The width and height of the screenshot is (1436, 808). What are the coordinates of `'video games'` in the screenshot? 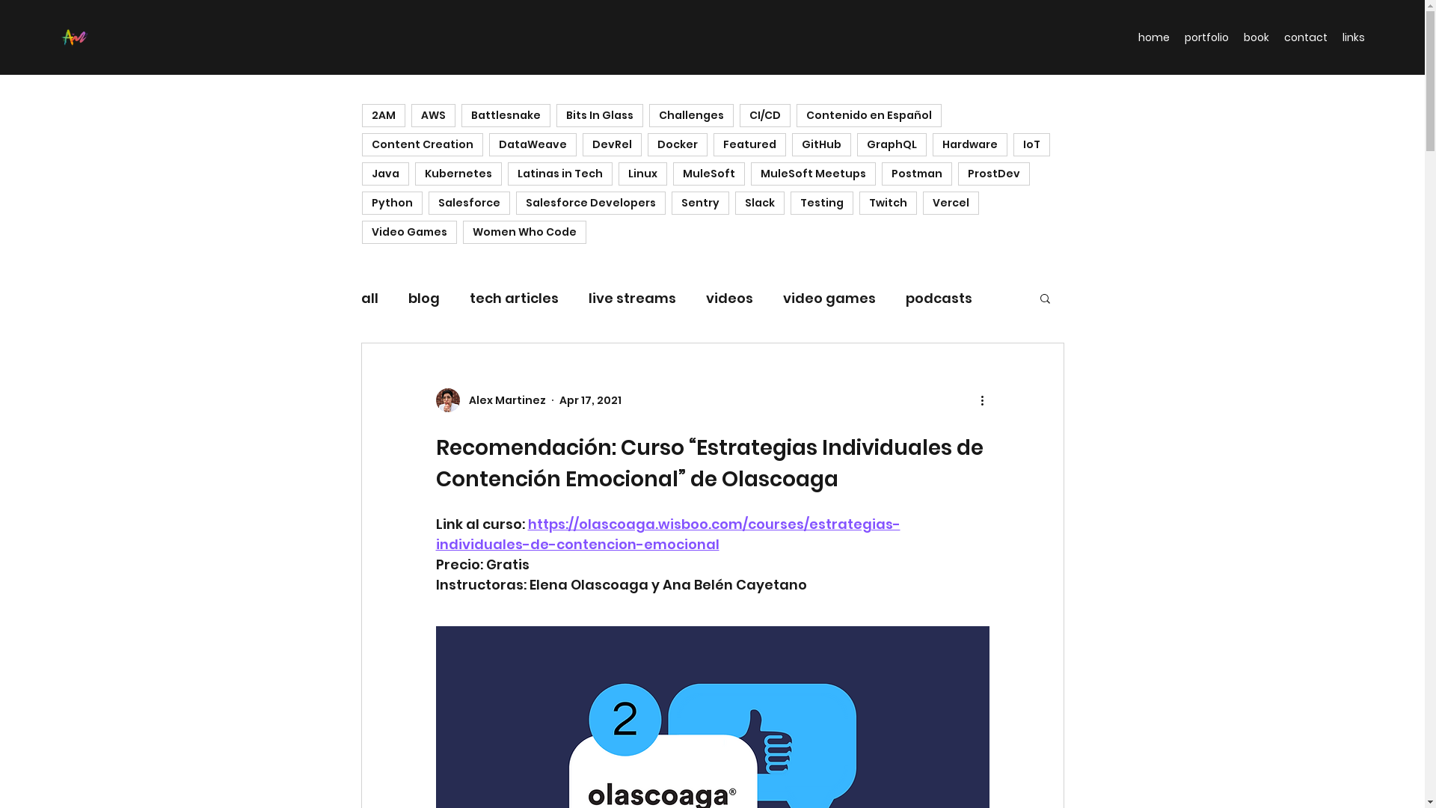 It's located at (828, 297).